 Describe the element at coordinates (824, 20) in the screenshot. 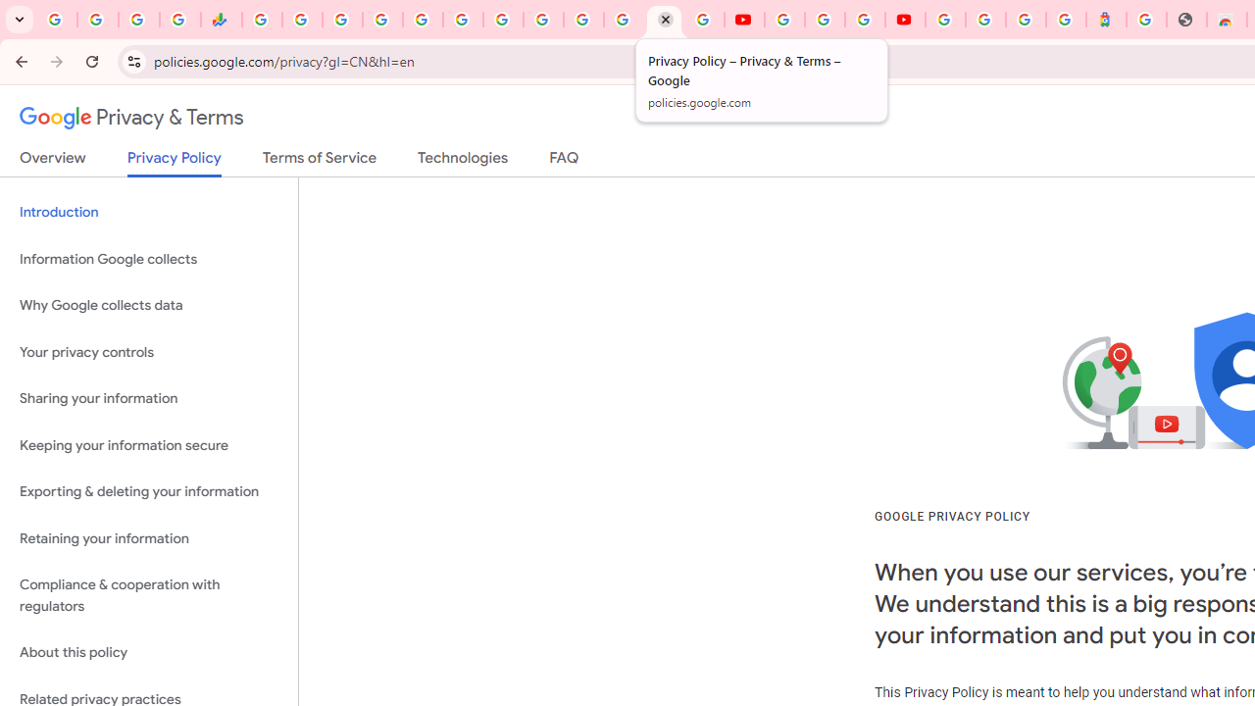

I see `'Google Account Help'` at that location.